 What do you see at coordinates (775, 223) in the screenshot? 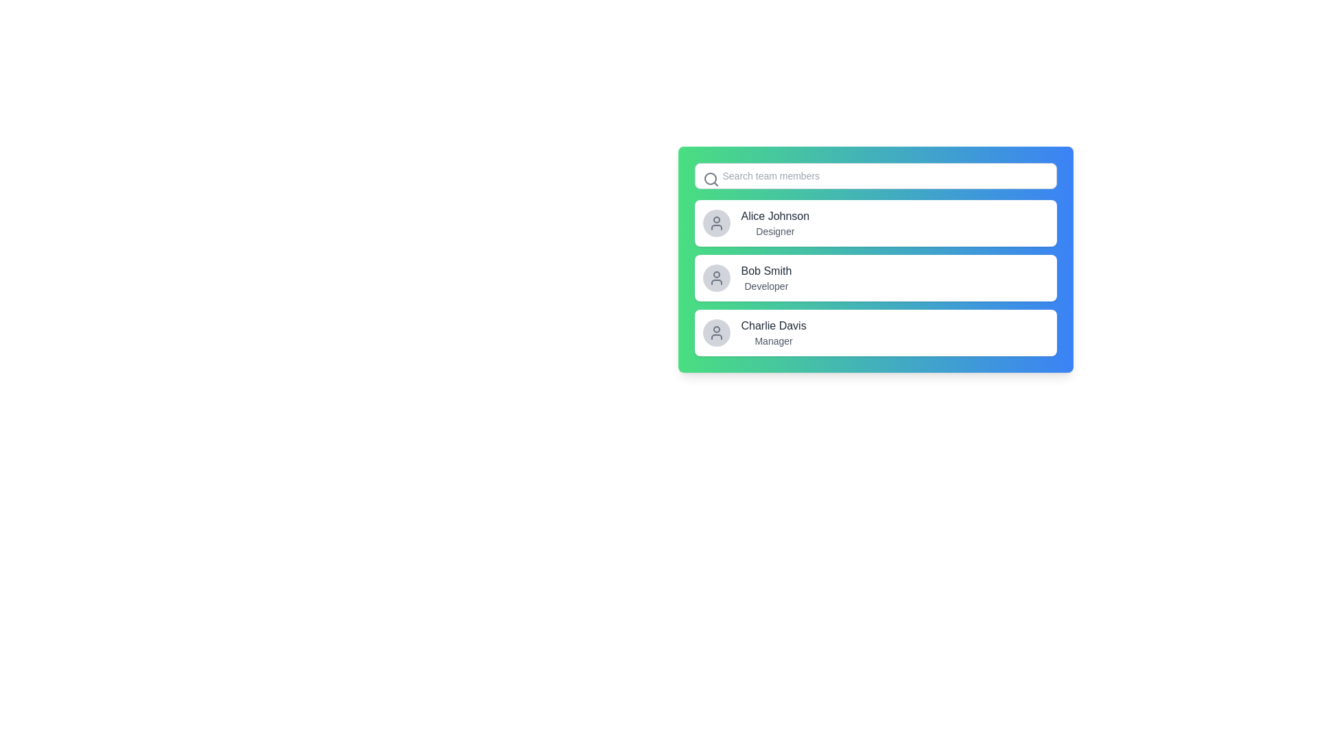
I see `the Label element displaying 'Alice Johnson' and 'Designer', which is part of a card-like structure positioned at the upper part of a vertical stack` at bounding box center [775, 223].